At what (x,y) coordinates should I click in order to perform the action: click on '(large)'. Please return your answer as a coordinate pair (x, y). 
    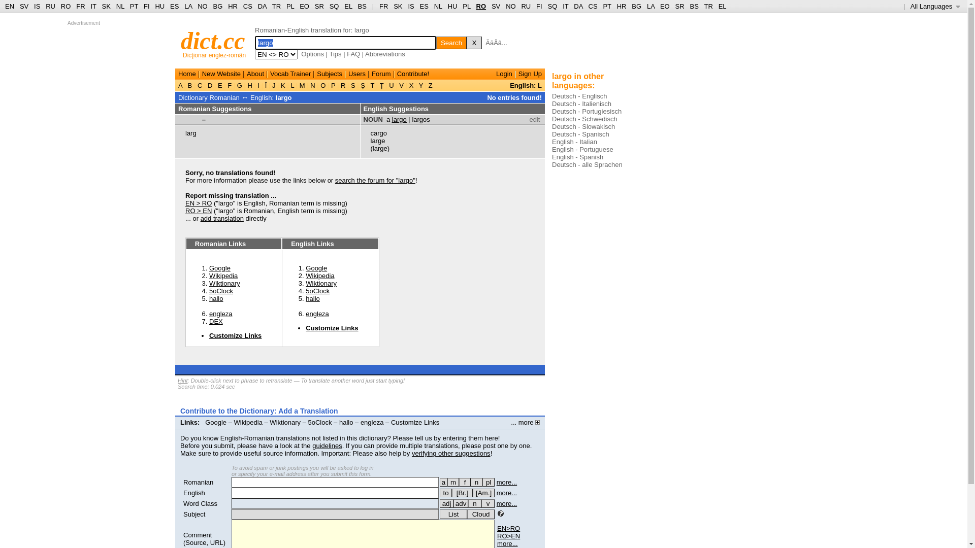
    Looking at the image, I should click on (379, 148).